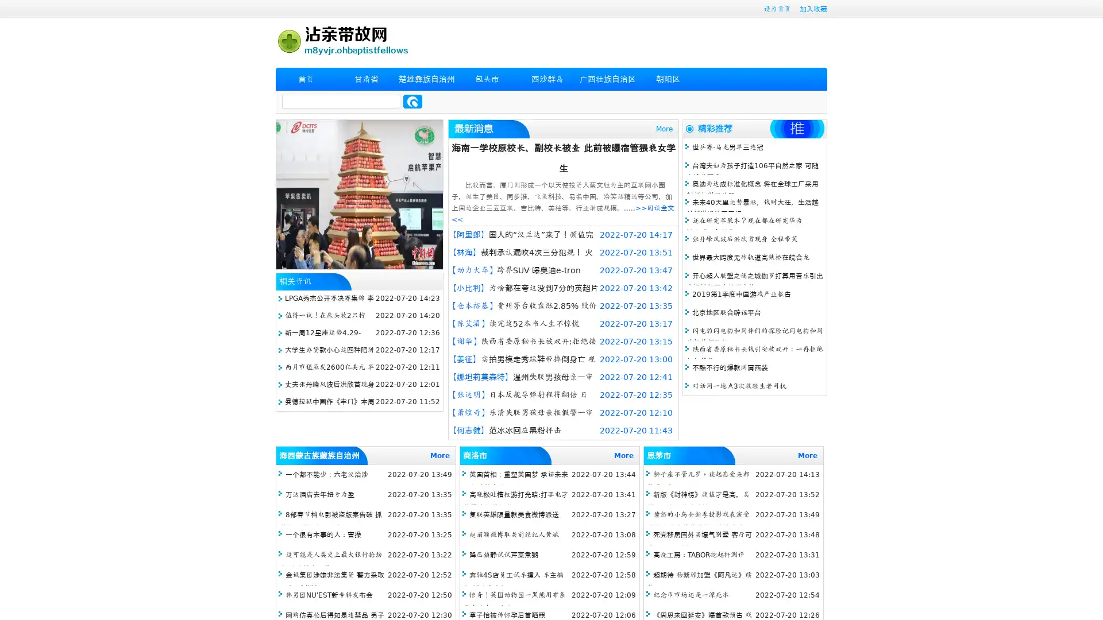 The width and height of the screenshot is (1103, 620). I want to click on Search, so click(412, 101).